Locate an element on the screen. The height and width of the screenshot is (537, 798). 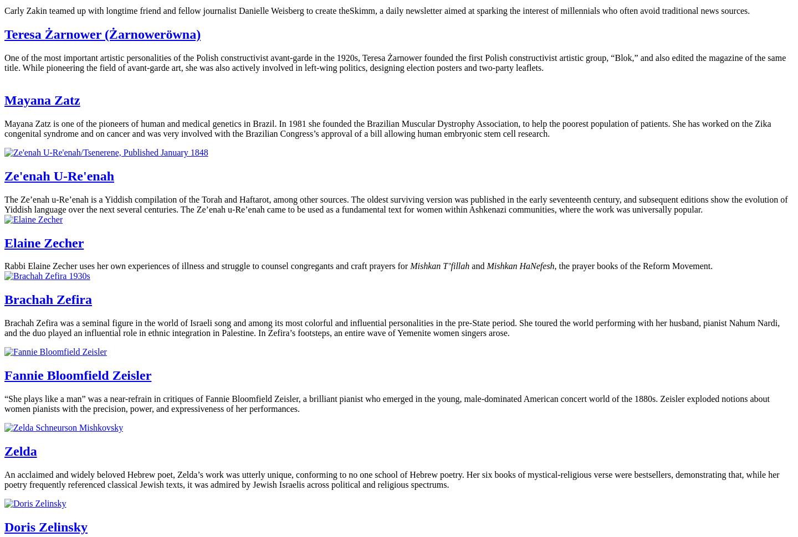
'Doris Zelinsky' is located at coordinates (45, 525).